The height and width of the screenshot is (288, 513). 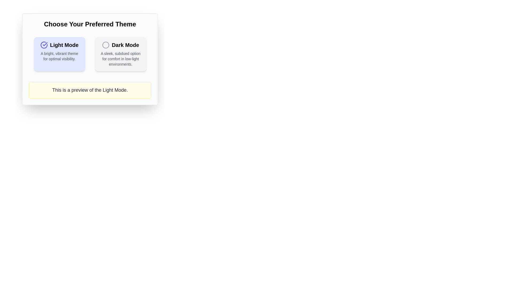 What do you see at coordinates (120, 59) in the screenshot?
I see `the static text providing details for the 'Dark Mode' option, located beneath the title 'Dark Mode' on the right section of the UI panel` at bounding box center [120, 59].